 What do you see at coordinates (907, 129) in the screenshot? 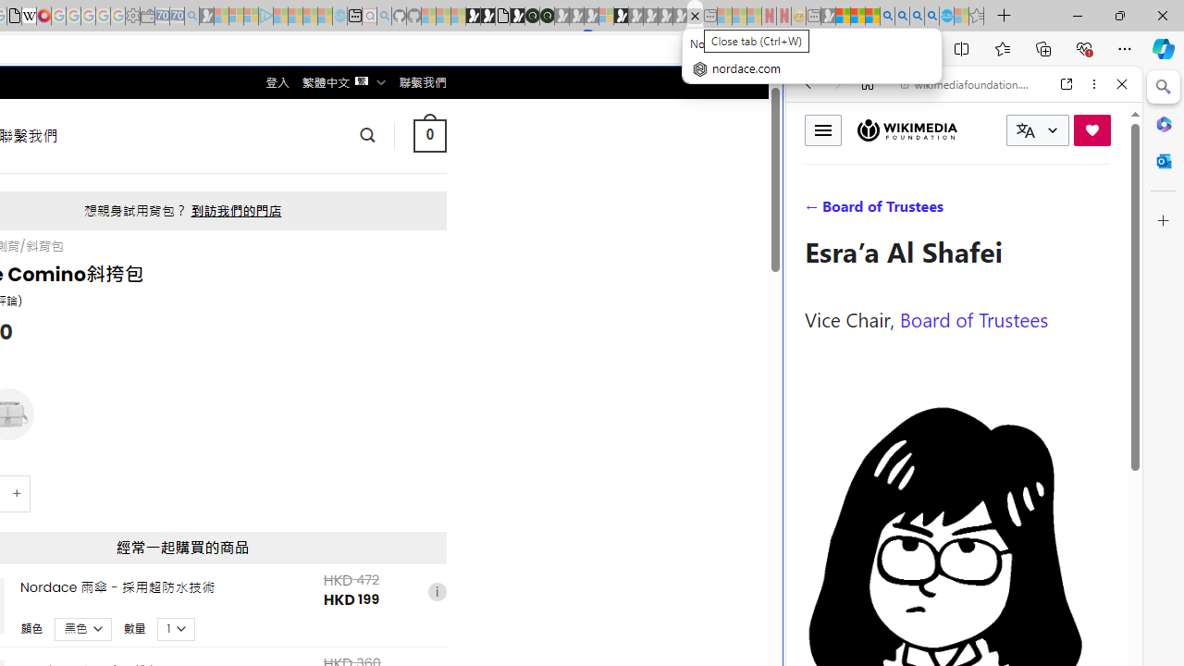
I see `'Wikimedia Foundation'` at bounding box center [907, 129].